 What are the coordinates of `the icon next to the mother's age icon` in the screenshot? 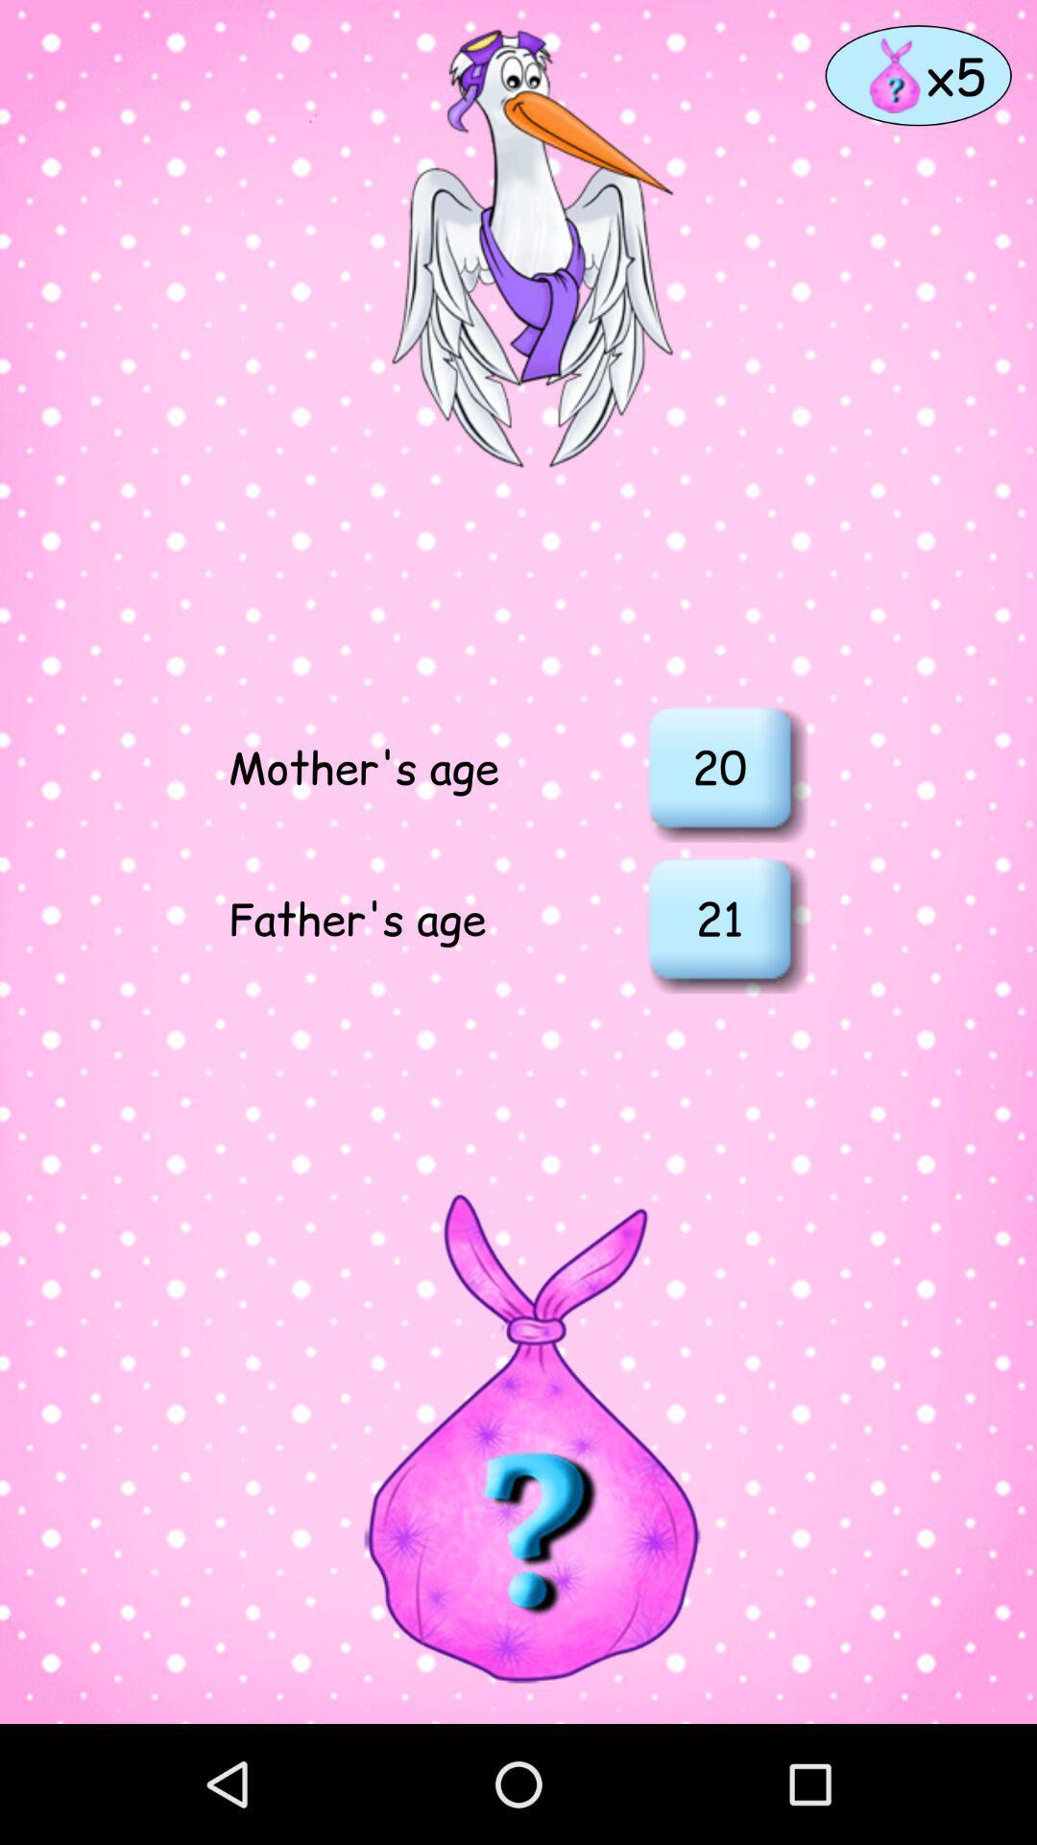 It's located at (719, 765).